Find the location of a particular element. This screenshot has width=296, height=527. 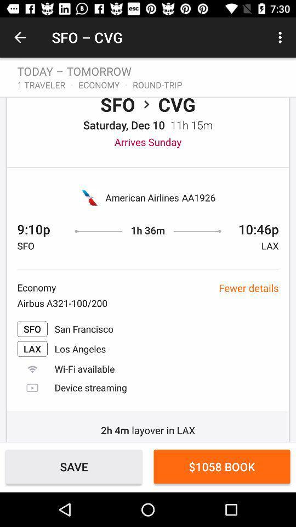

the save item is located at coordinates (74, 466).